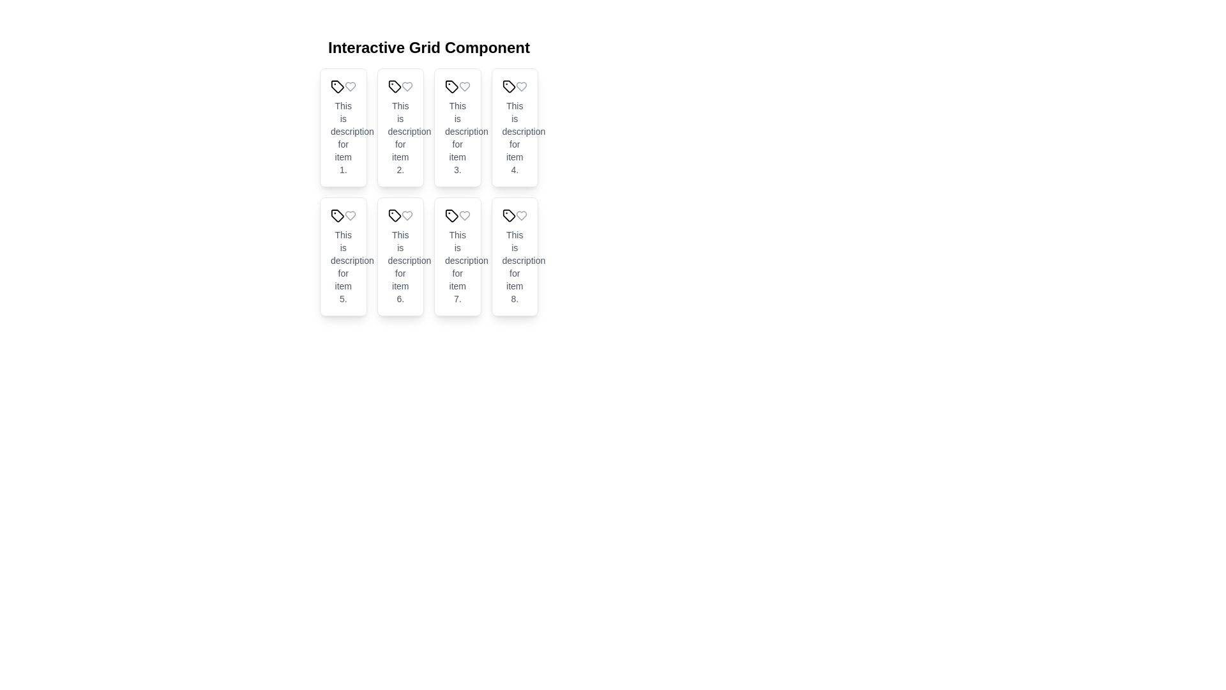 This screenshot has width=1226, height=690. What do you see at coordinates (515, 138) in the screenshot?
I see `the text block that provides contextual information for the fourth tile in the grid layout, located beneath the title of the tile` at bounding box center [515, 138].